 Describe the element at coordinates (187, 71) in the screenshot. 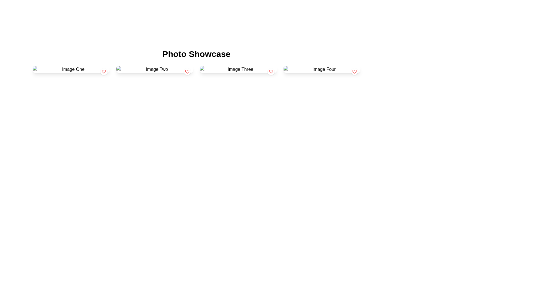

I see `the heart icon button representing the favorite or like functionality` at that location.